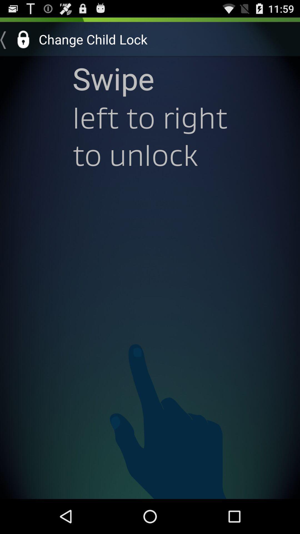  I want to click on go back, so click(17, 39).